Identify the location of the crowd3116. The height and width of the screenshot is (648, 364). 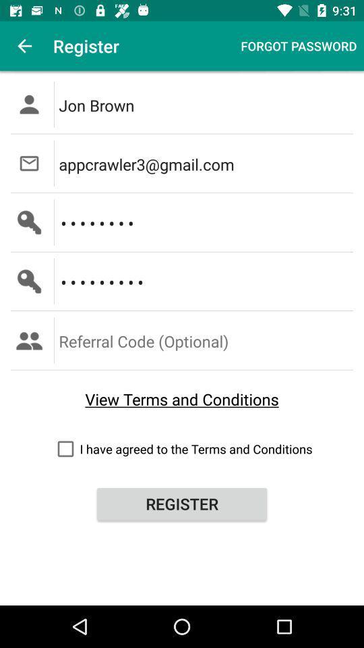
(207, 281).